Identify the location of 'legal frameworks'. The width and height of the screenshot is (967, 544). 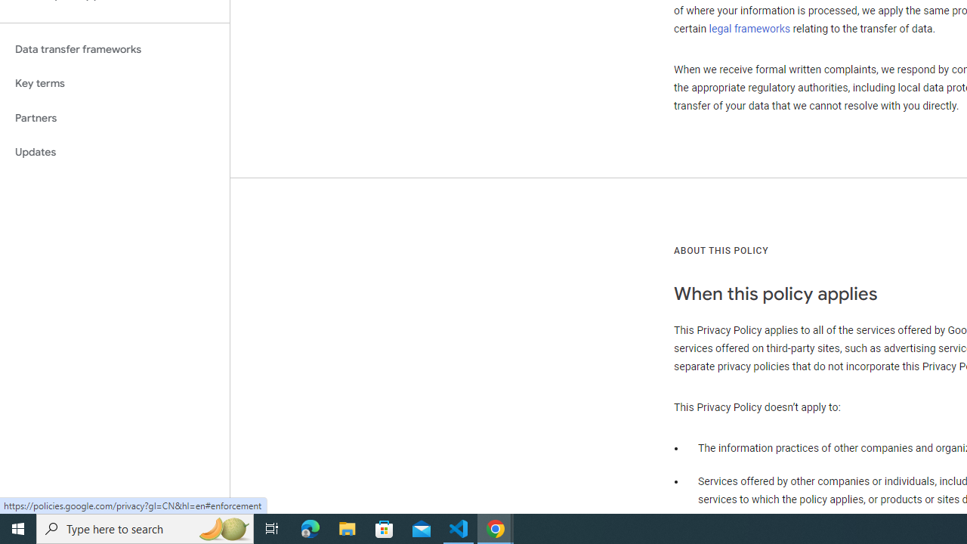
(749, 28).